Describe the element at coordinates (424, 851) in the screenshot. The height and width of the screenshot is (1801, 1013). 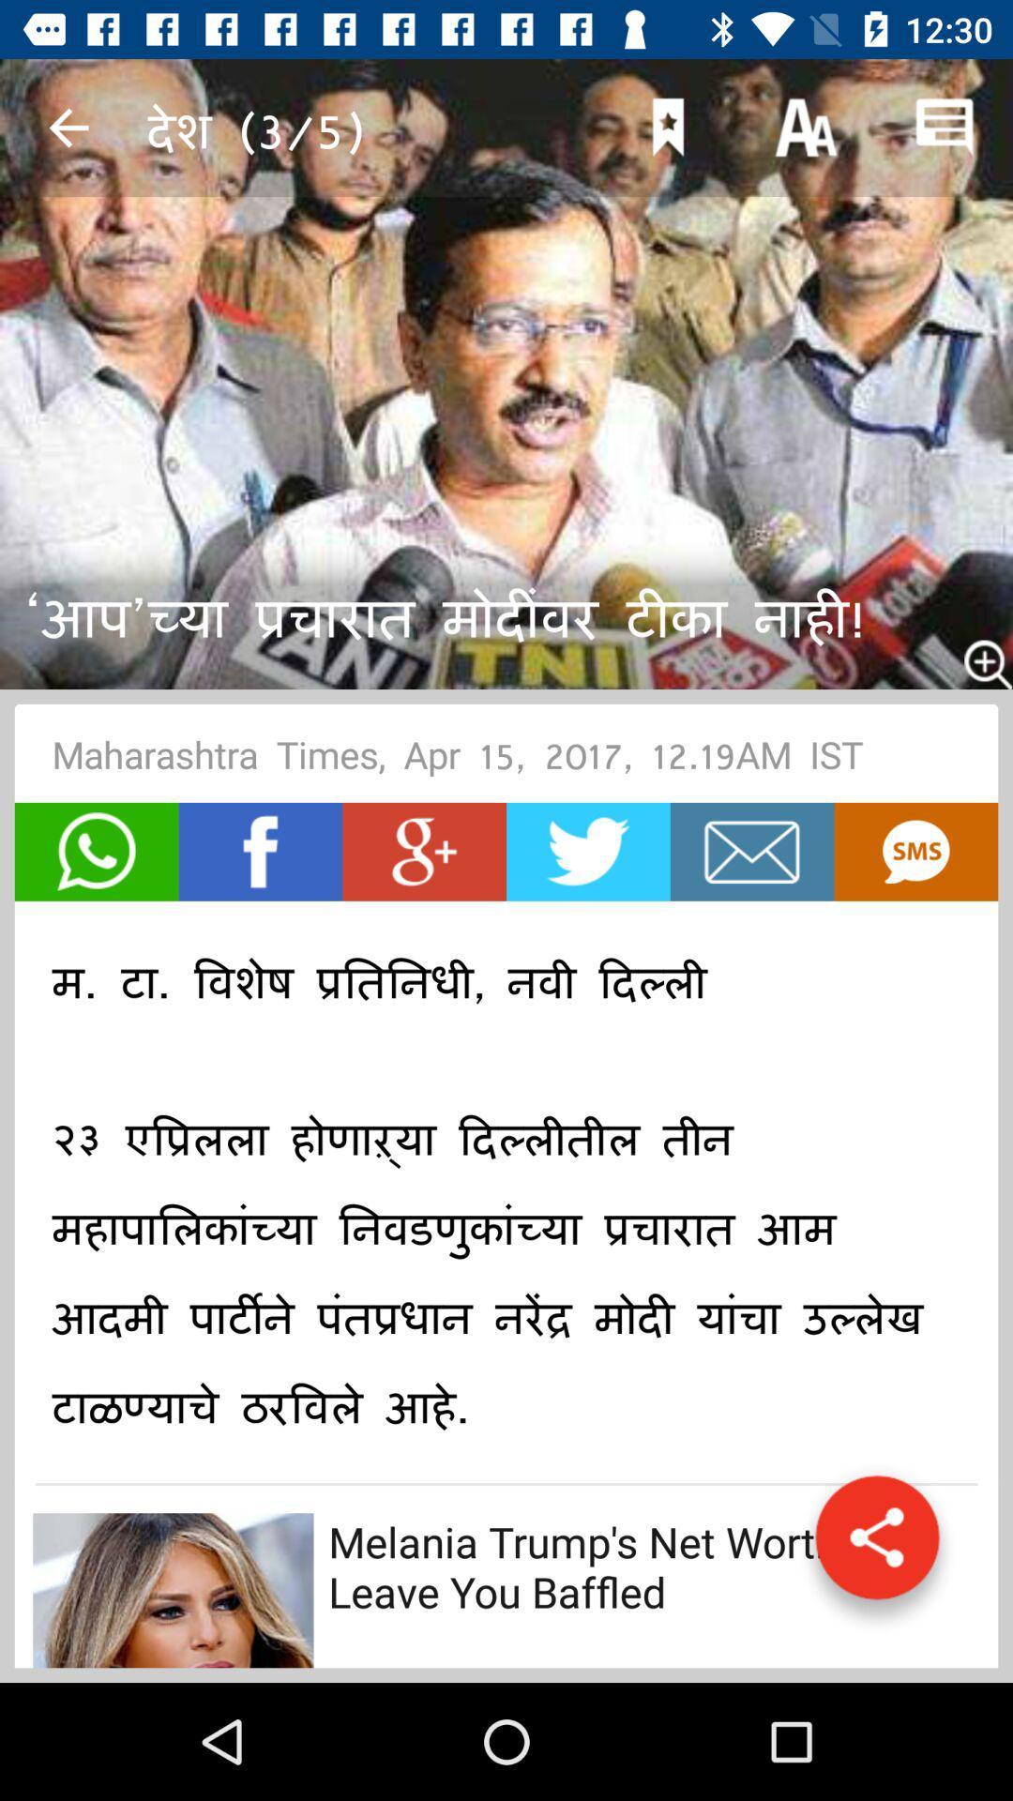
I see `share on google+` at that location.